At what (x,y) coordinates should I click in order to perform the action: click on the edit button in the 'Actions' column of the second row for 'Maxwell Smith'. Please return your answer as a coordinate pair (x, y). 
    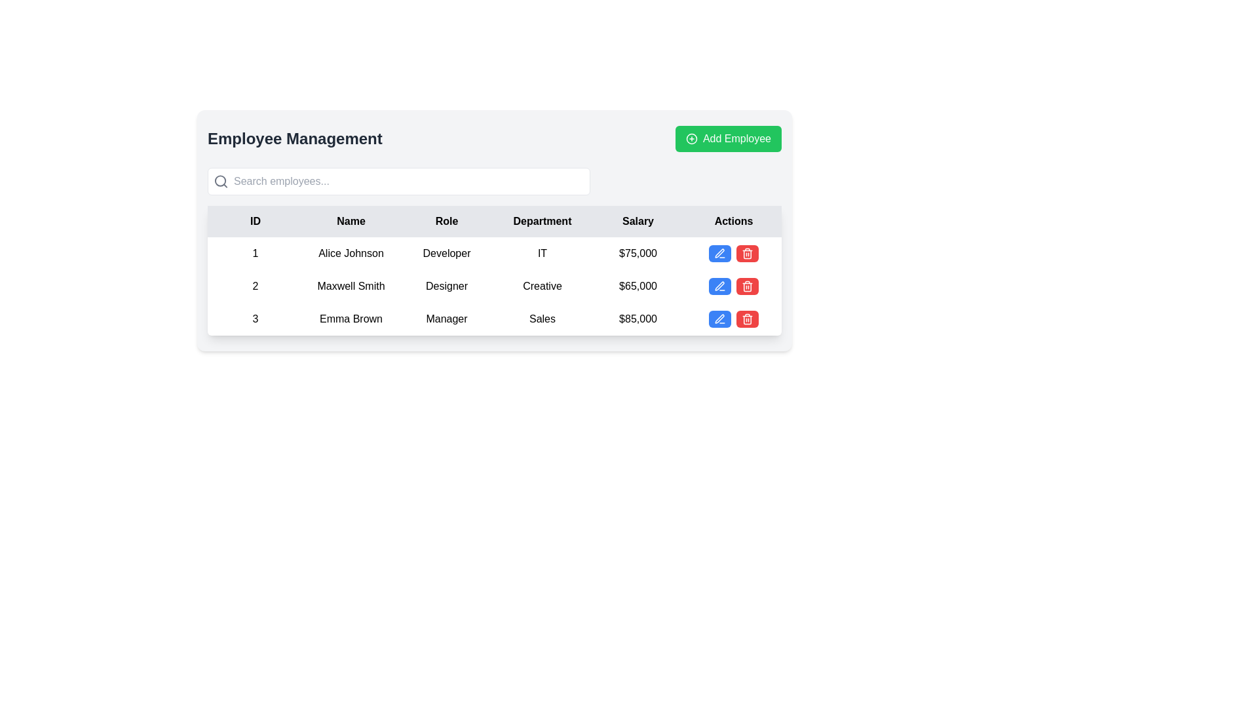
    Looking at the image, I should click on (719, 285).